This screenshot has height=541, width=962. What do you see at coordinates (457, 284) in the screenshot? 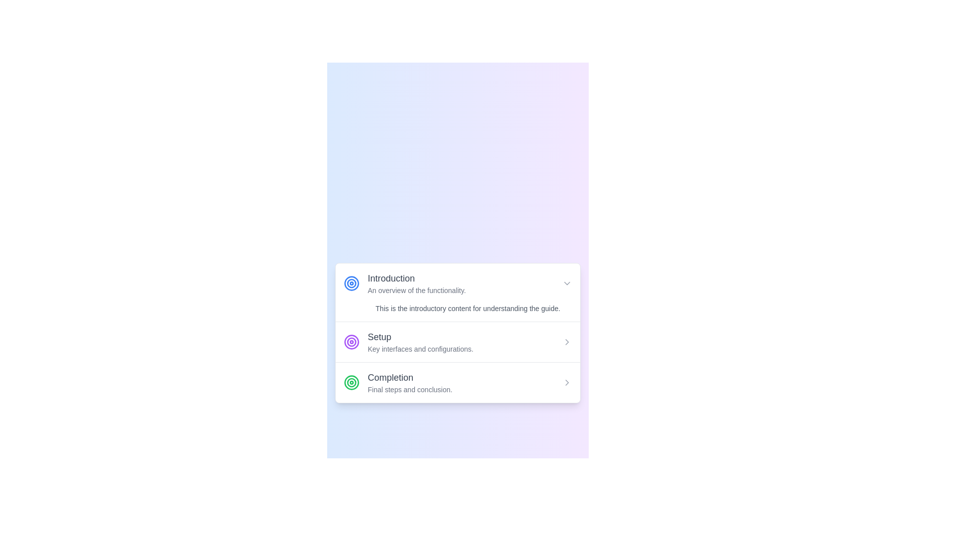
I see `the 'Introduction' button at the top of the list` at bounding box center [457, 284].